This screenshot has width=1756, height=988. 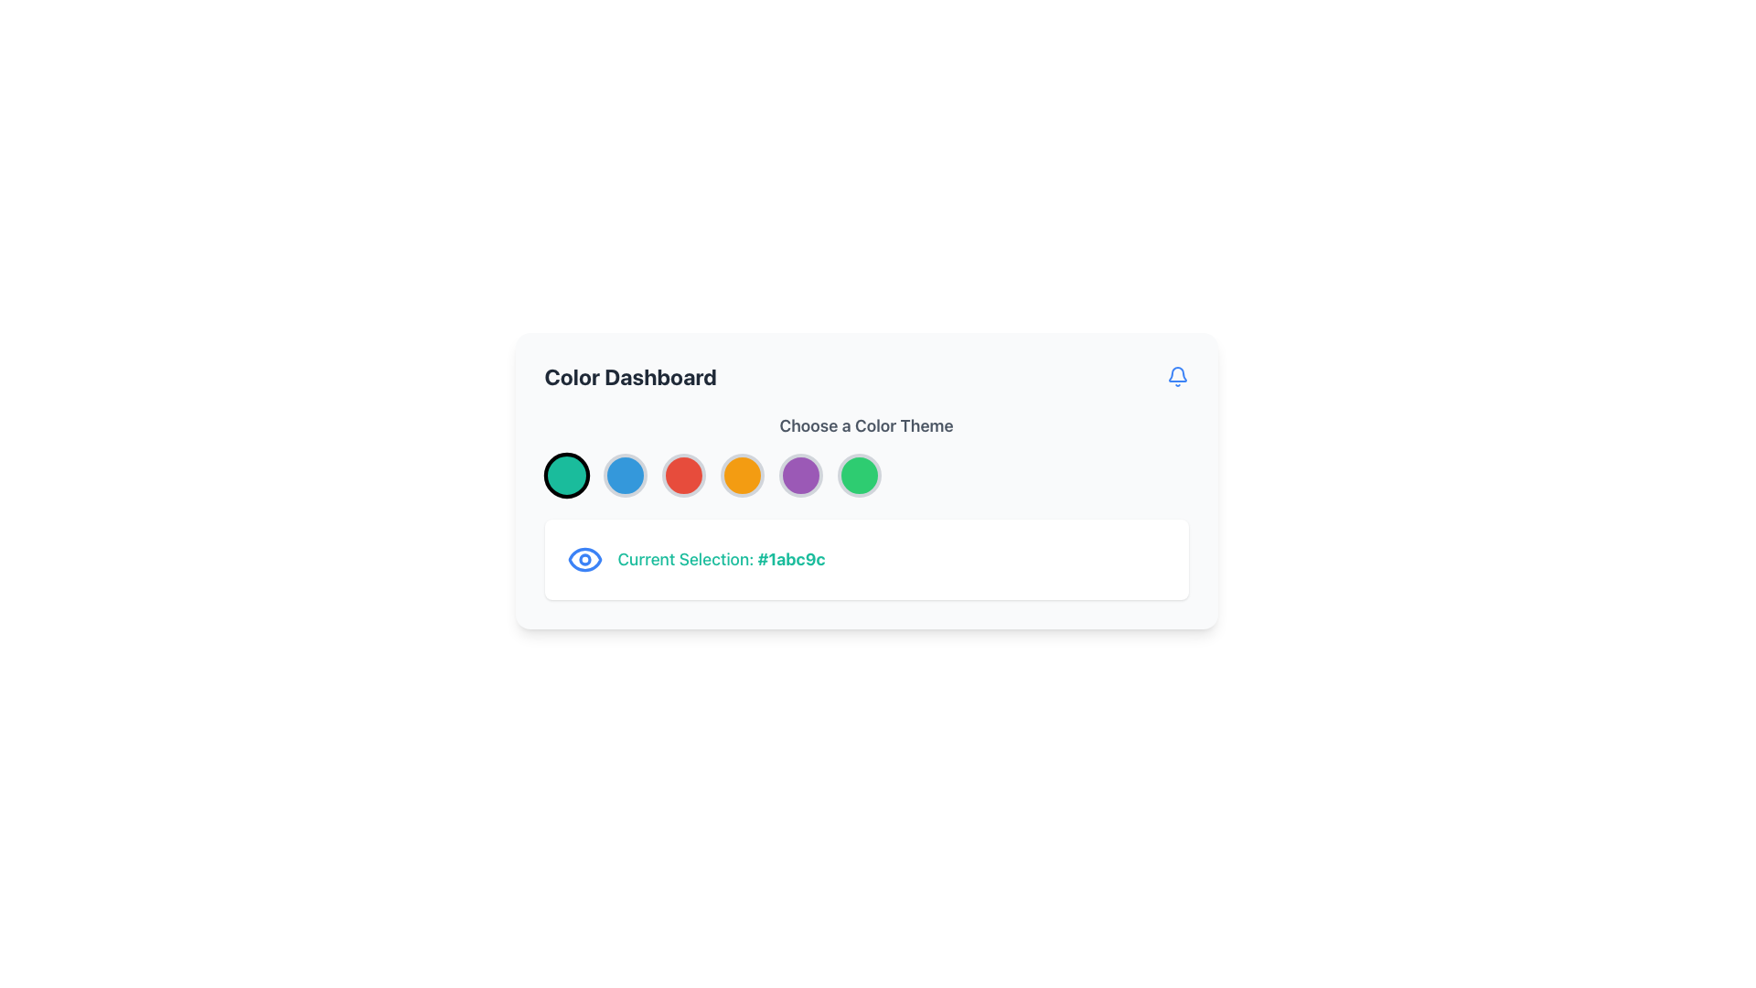 What do you see at coordinates (742, 475) in the screenshot?
I see `the fourth circular button in the color selection group` at bounding box center [742, 475].